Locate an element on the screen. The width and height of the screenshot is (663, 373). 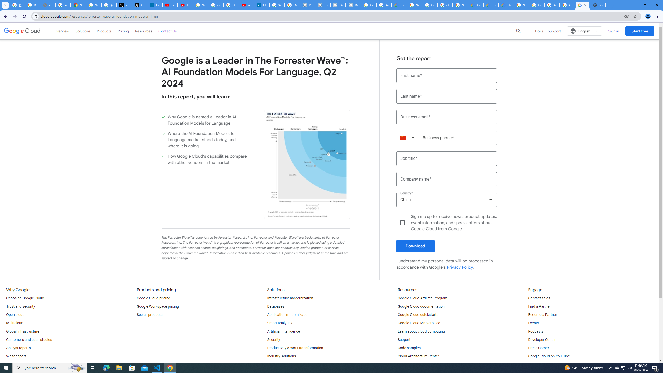
'Privacy Policy' is located at coordinates (459, 267).